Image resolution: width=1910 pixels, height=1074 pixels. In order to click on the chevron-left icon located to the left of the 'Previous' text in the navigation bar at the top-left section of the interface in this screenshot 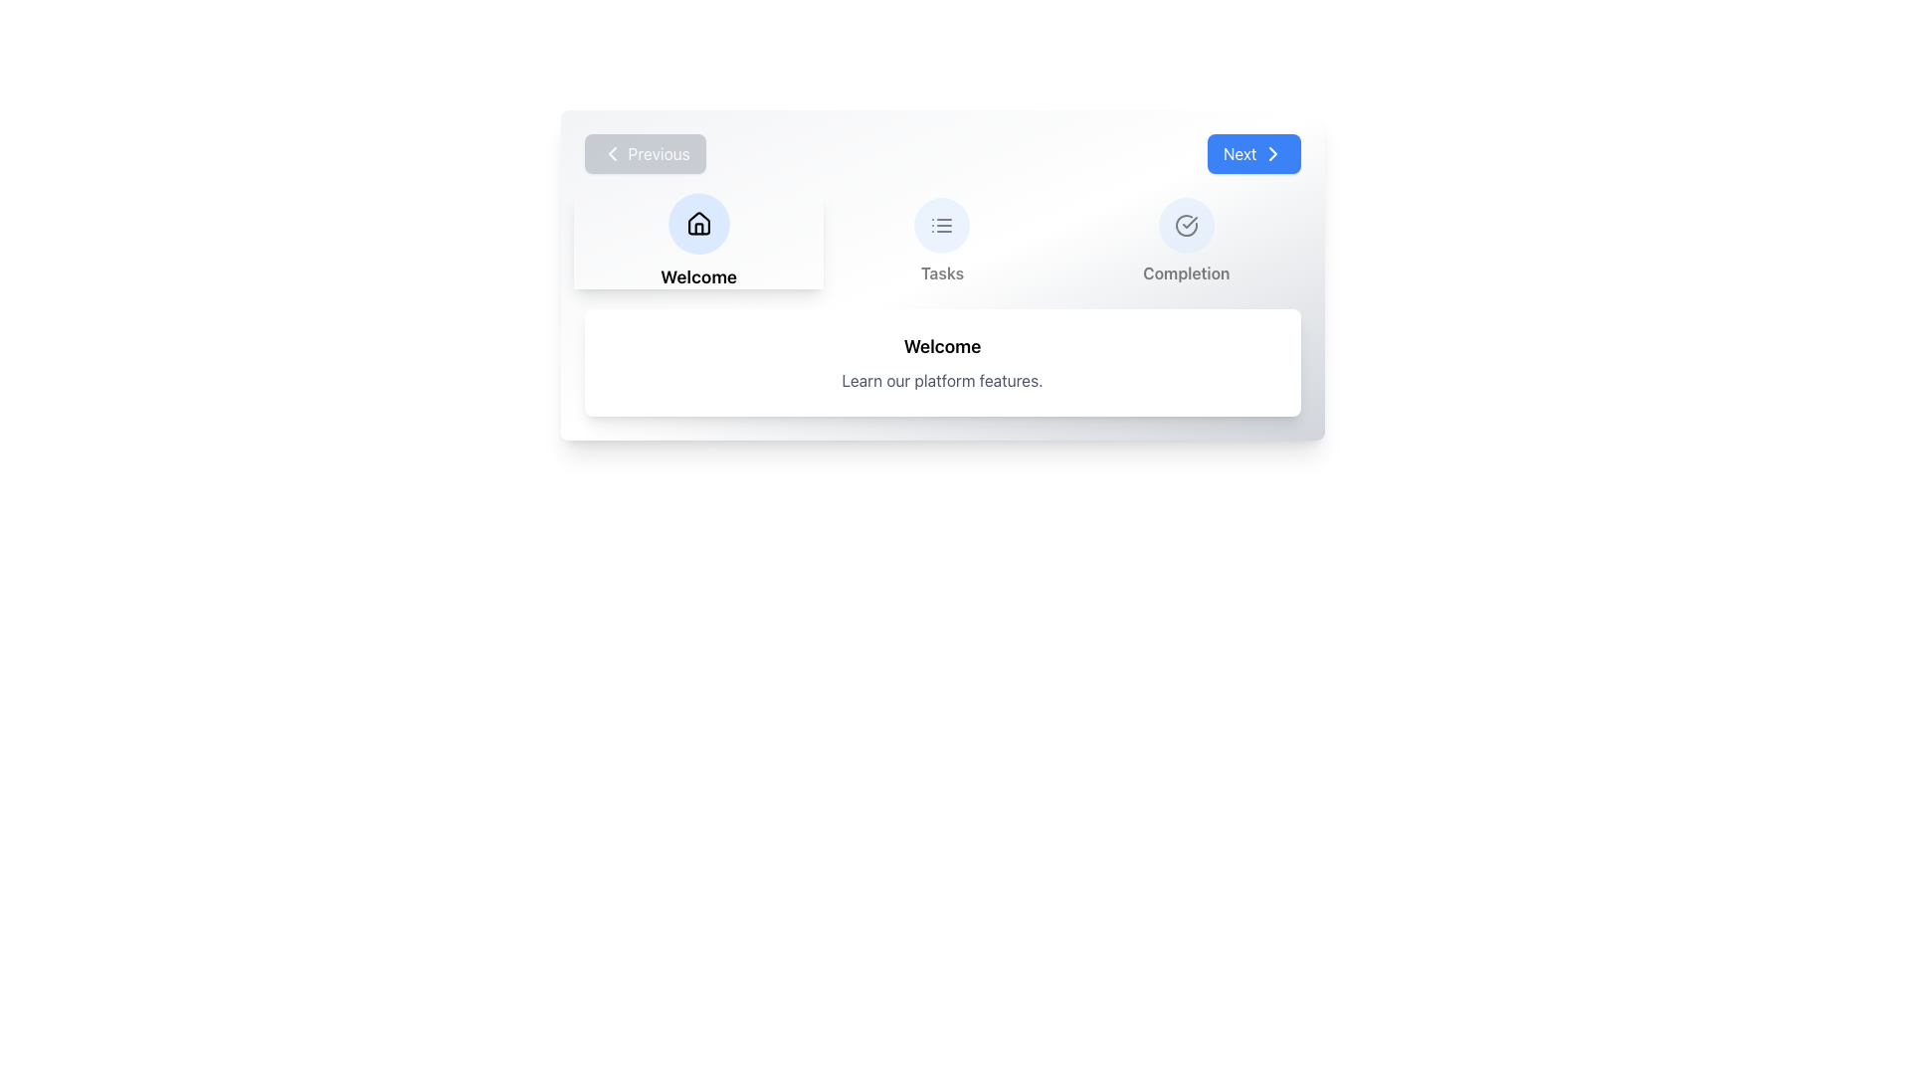, I will do `click(611, 152)`.